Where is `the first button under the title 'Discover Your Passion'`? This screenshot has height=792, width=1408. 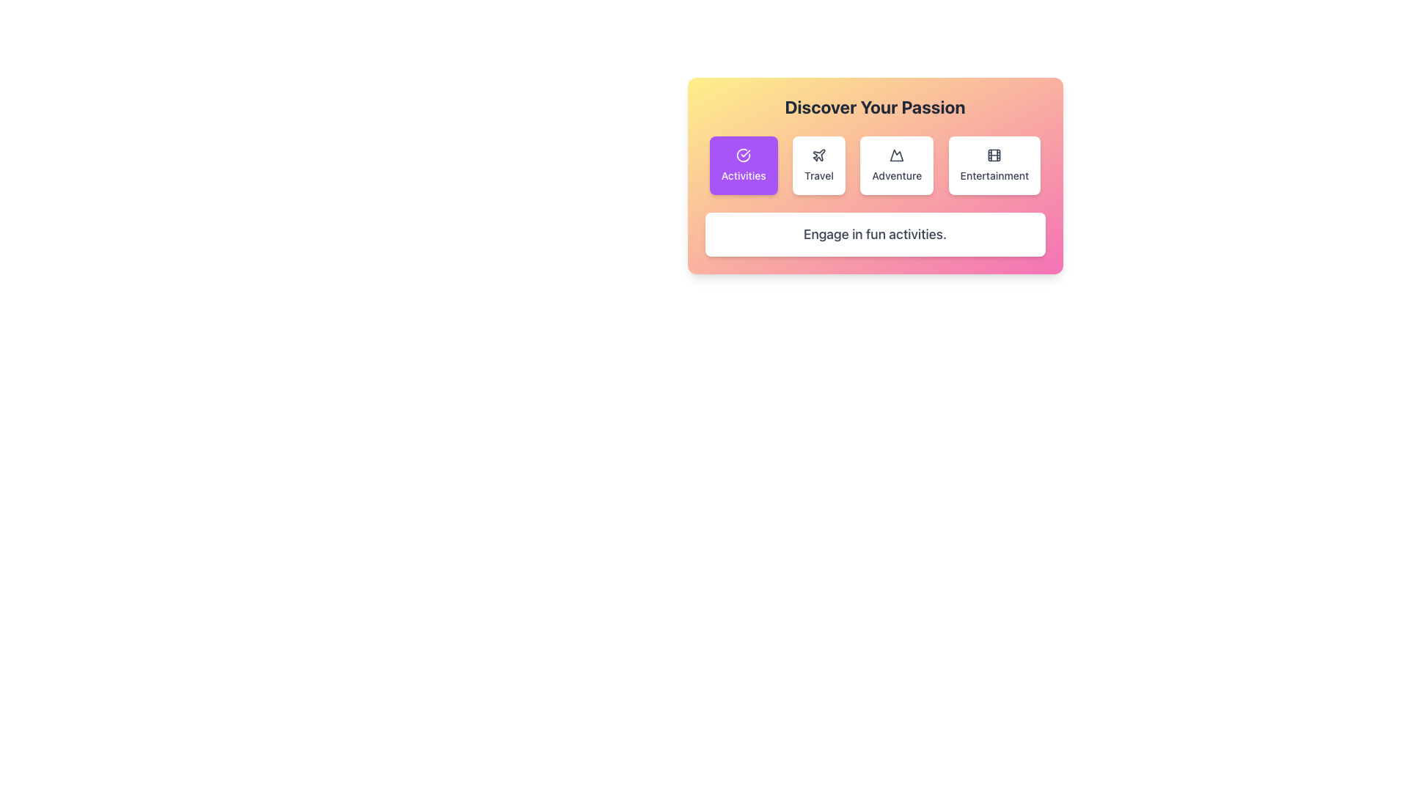
the first button under the title 'Discover Your Passion' is located at coordinates (743, 165).